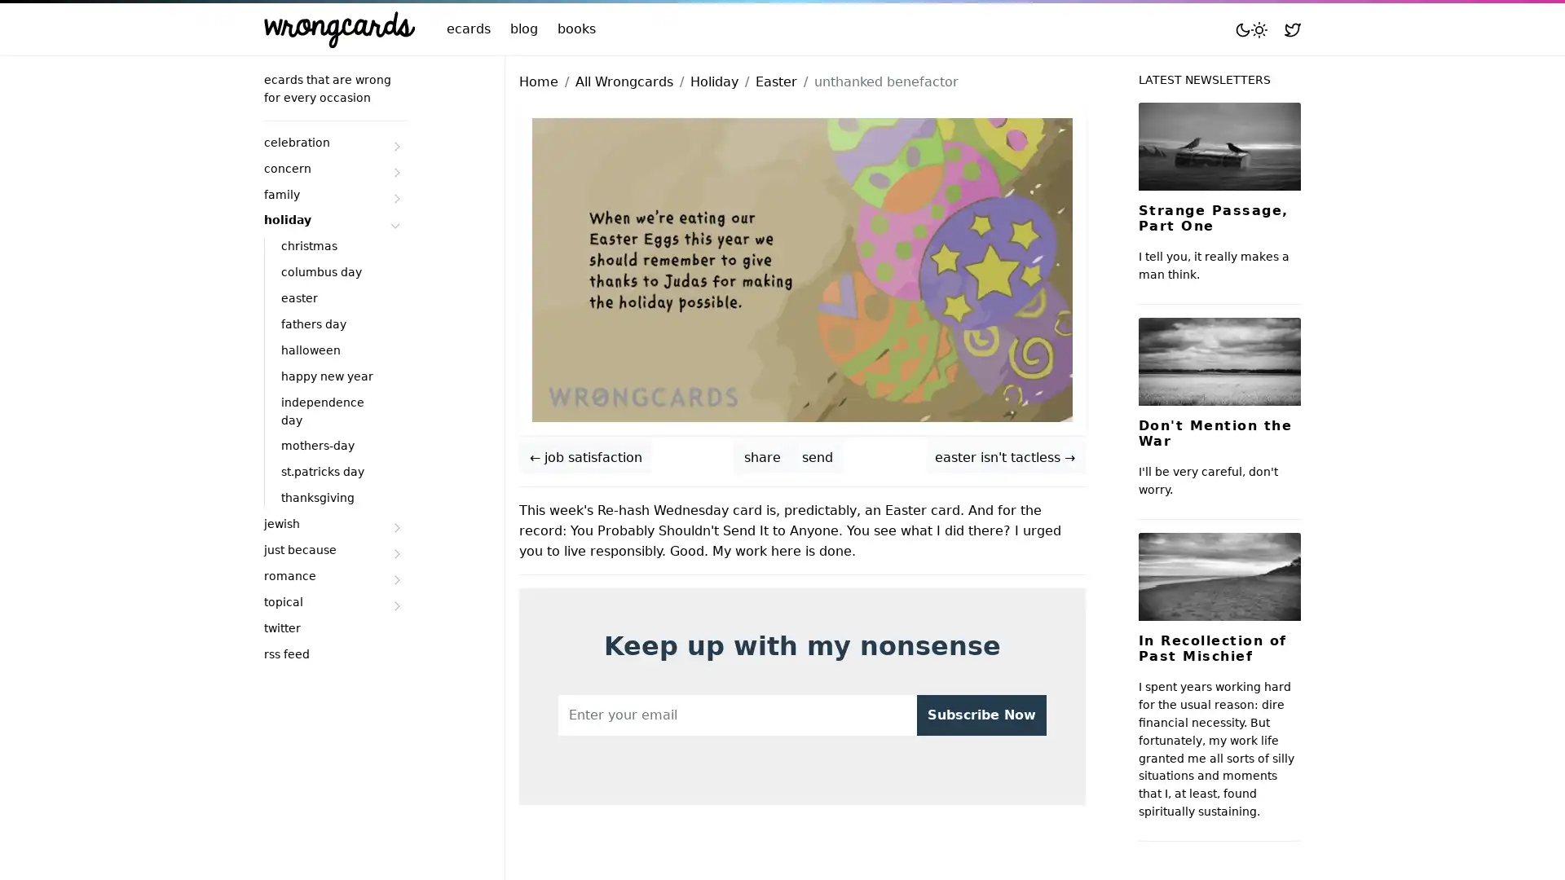  What do you see at coordinates (395, 197) in the screenshot?
I see `Submenu` at bounding box center [395, 197].